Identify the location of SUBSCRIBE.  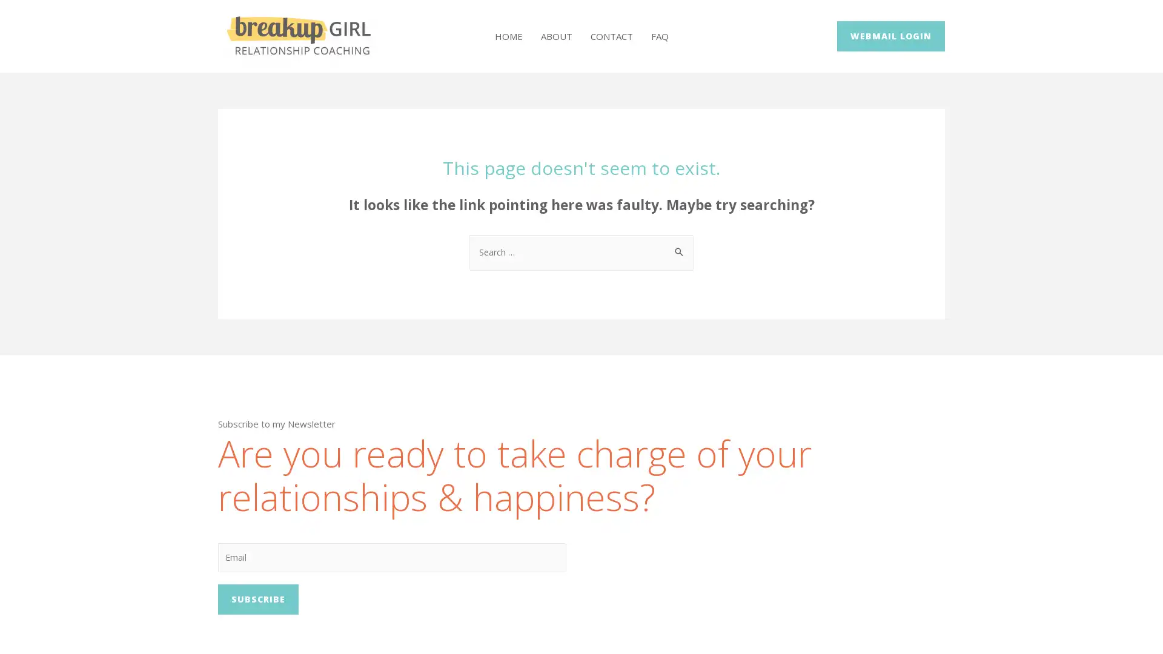
(257, 602).